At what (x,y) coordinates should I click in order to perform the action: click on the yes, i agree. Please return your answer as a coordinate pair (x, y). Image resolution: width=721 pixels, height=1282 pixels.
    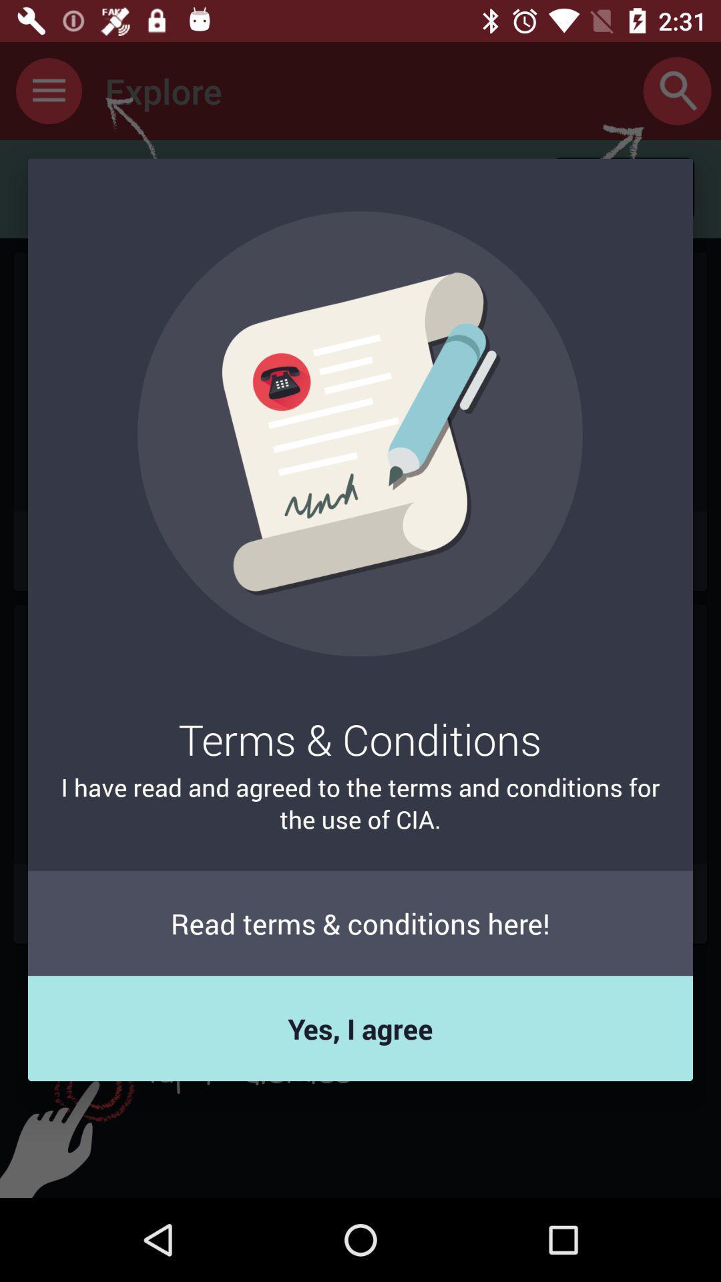
    Looking at the image, I should click on (360, 1028).